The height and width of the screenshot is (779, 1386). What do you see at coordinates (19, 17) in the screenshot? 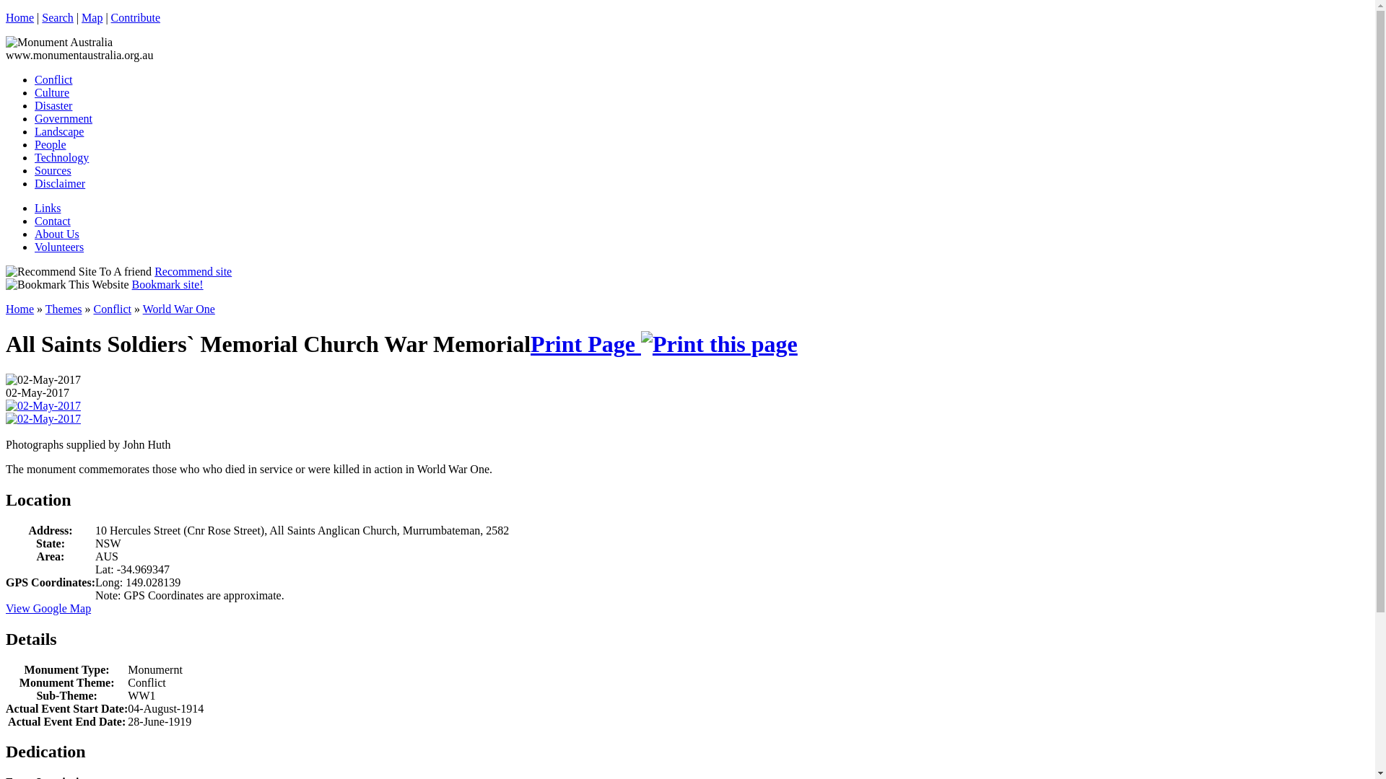
I see `'Home'` at bounding box center [19, 17].